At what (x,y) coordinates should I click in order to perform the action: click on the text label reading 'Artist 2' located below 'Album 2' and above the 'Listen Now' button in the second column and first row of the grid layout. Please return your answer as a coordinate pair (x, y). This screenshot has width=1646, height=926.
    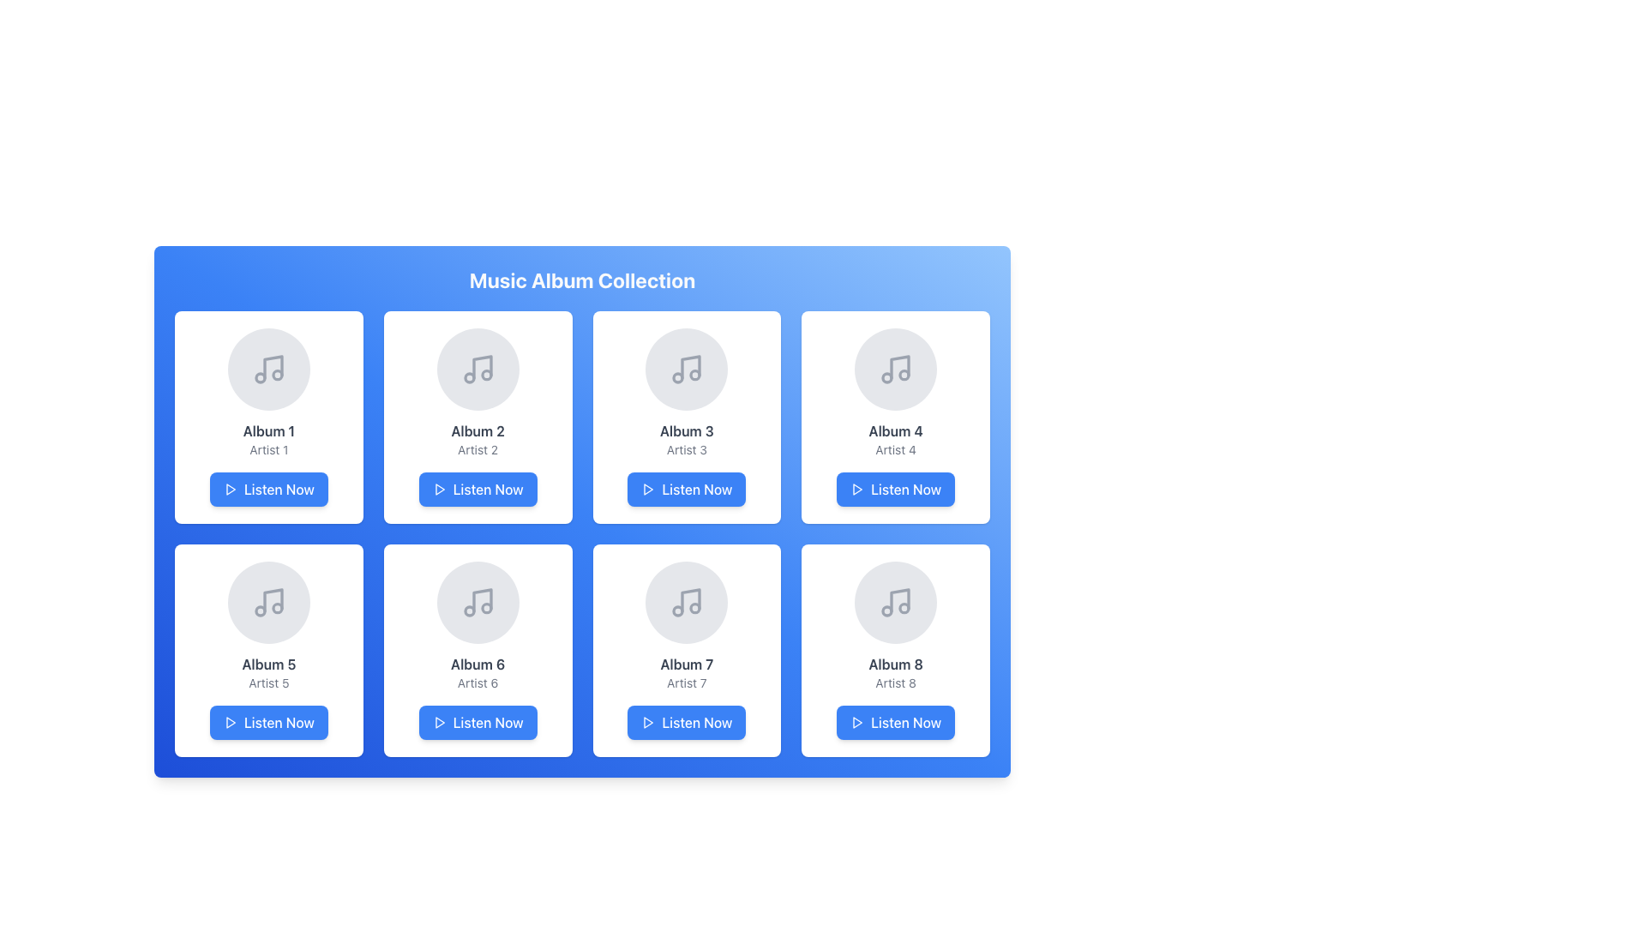
    Looking at the image, I should click on (478, 448).